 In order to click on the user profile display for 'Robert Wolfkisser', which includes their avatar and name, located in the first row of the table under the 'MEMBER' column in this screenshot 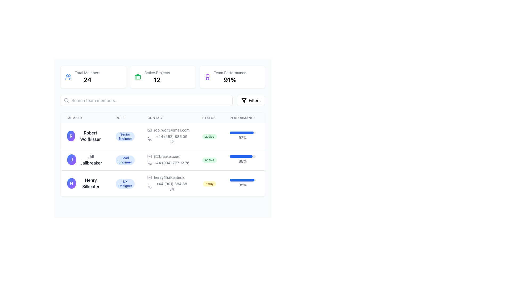, I will do `click(85, 136)`.